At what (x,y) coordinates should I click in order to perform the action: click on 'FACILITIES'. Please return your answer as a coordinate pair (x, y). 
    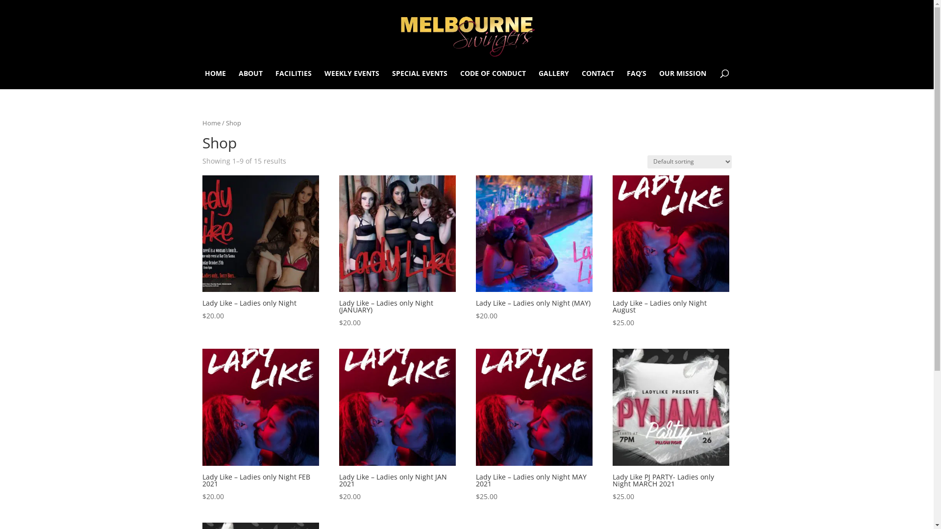
    Looking at the image, I should click on (293, 79).